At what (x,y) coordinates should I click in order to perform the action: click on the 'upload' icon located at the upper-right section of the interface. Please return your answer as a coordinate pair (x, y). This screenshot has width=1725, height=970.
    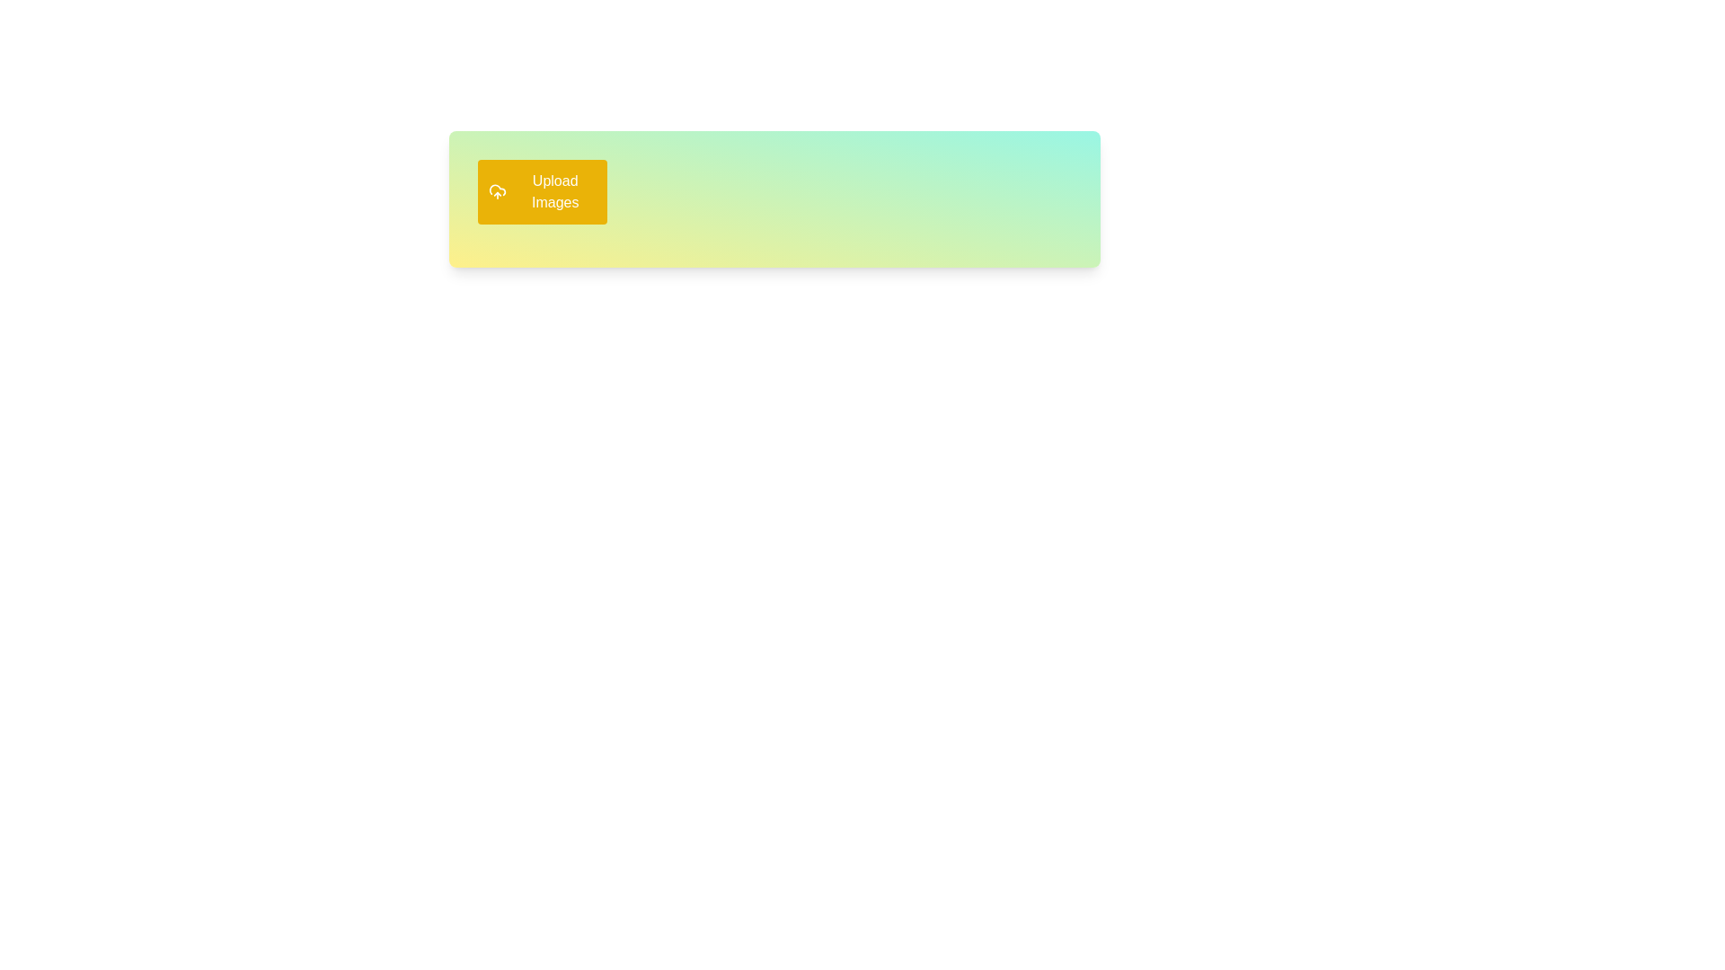
    Looking at the image, I should click on (498, 191).